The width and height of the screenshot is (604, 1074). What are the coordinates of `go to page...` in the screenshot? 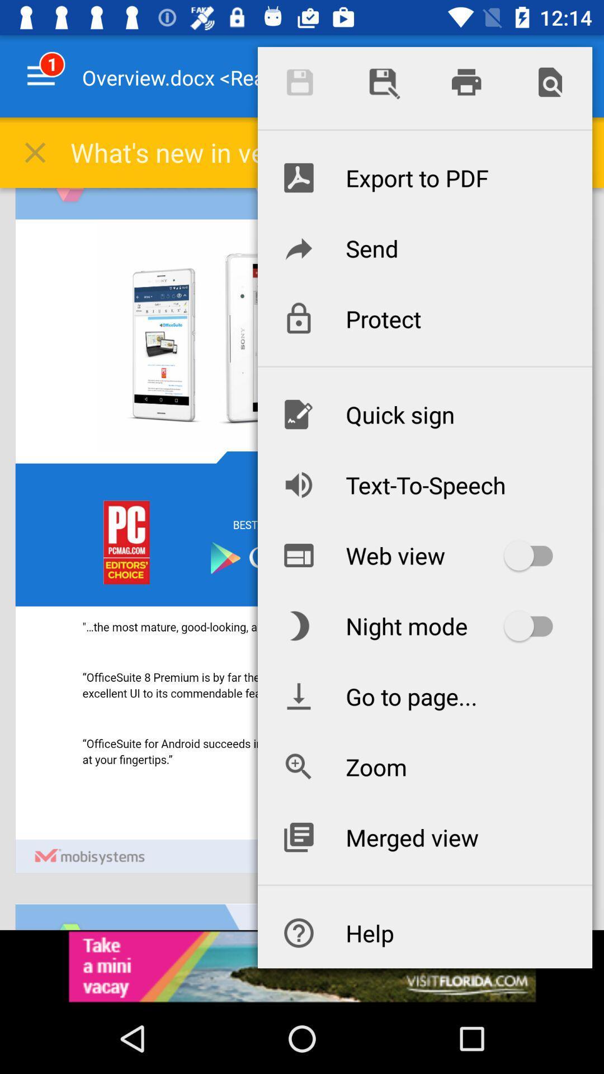 It's located at (424, 695).